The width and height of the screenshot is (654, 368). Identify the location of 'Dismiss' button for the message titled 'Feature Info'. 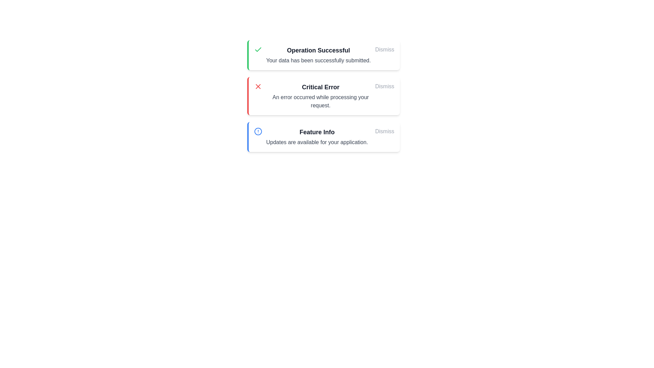
(385, 131).